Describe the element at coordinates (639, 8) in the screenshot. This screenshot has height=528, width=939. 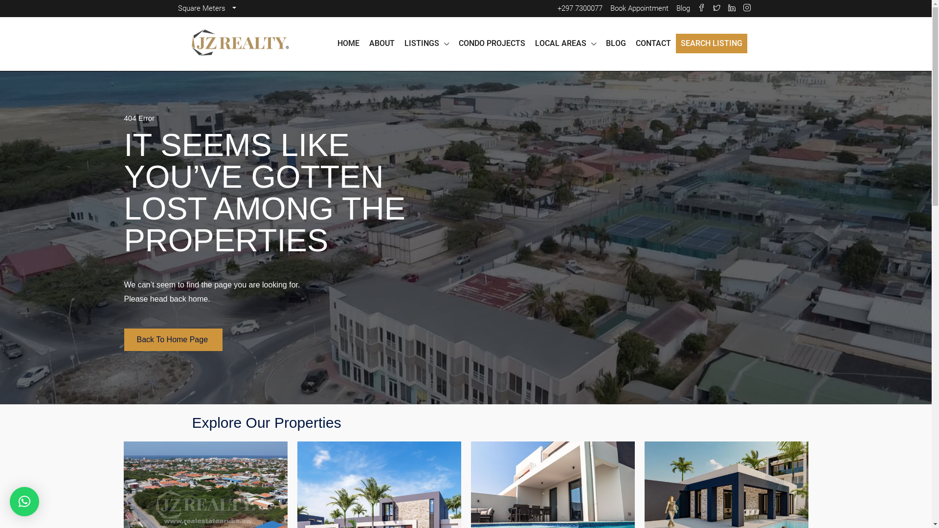
I see `'Book Appointment'` at that location.